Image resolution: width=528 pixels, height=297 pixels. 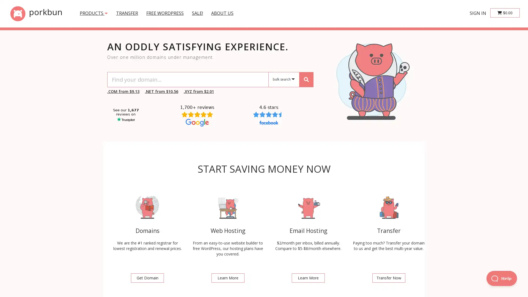 What do you see at coordinates (306, 79) in the screenshot?
I see `submit search` at bounding box center [306, 79].